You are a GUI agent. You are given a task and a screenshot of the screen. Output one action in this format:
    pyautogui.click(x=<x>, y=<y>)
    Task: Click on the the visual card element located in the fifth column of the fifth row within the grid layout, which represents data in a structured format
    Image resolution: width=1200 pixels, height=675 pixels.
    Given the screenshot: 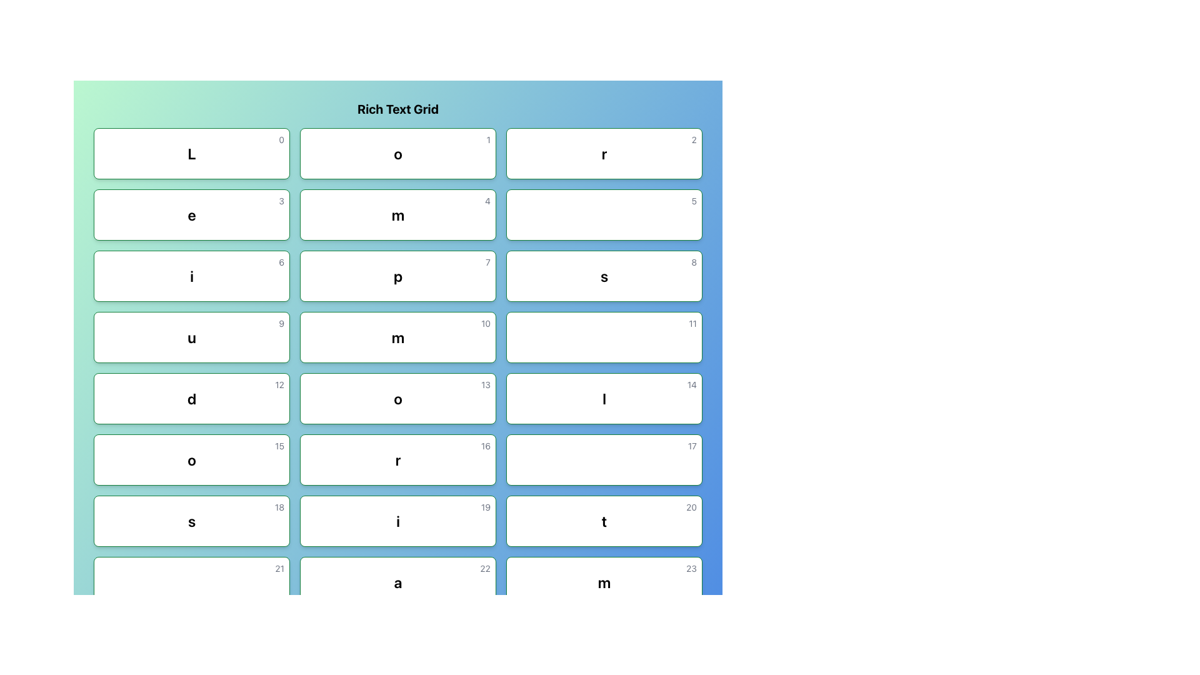 What is the action you would take?
    pyautogui.click(x=604, y=398)
    